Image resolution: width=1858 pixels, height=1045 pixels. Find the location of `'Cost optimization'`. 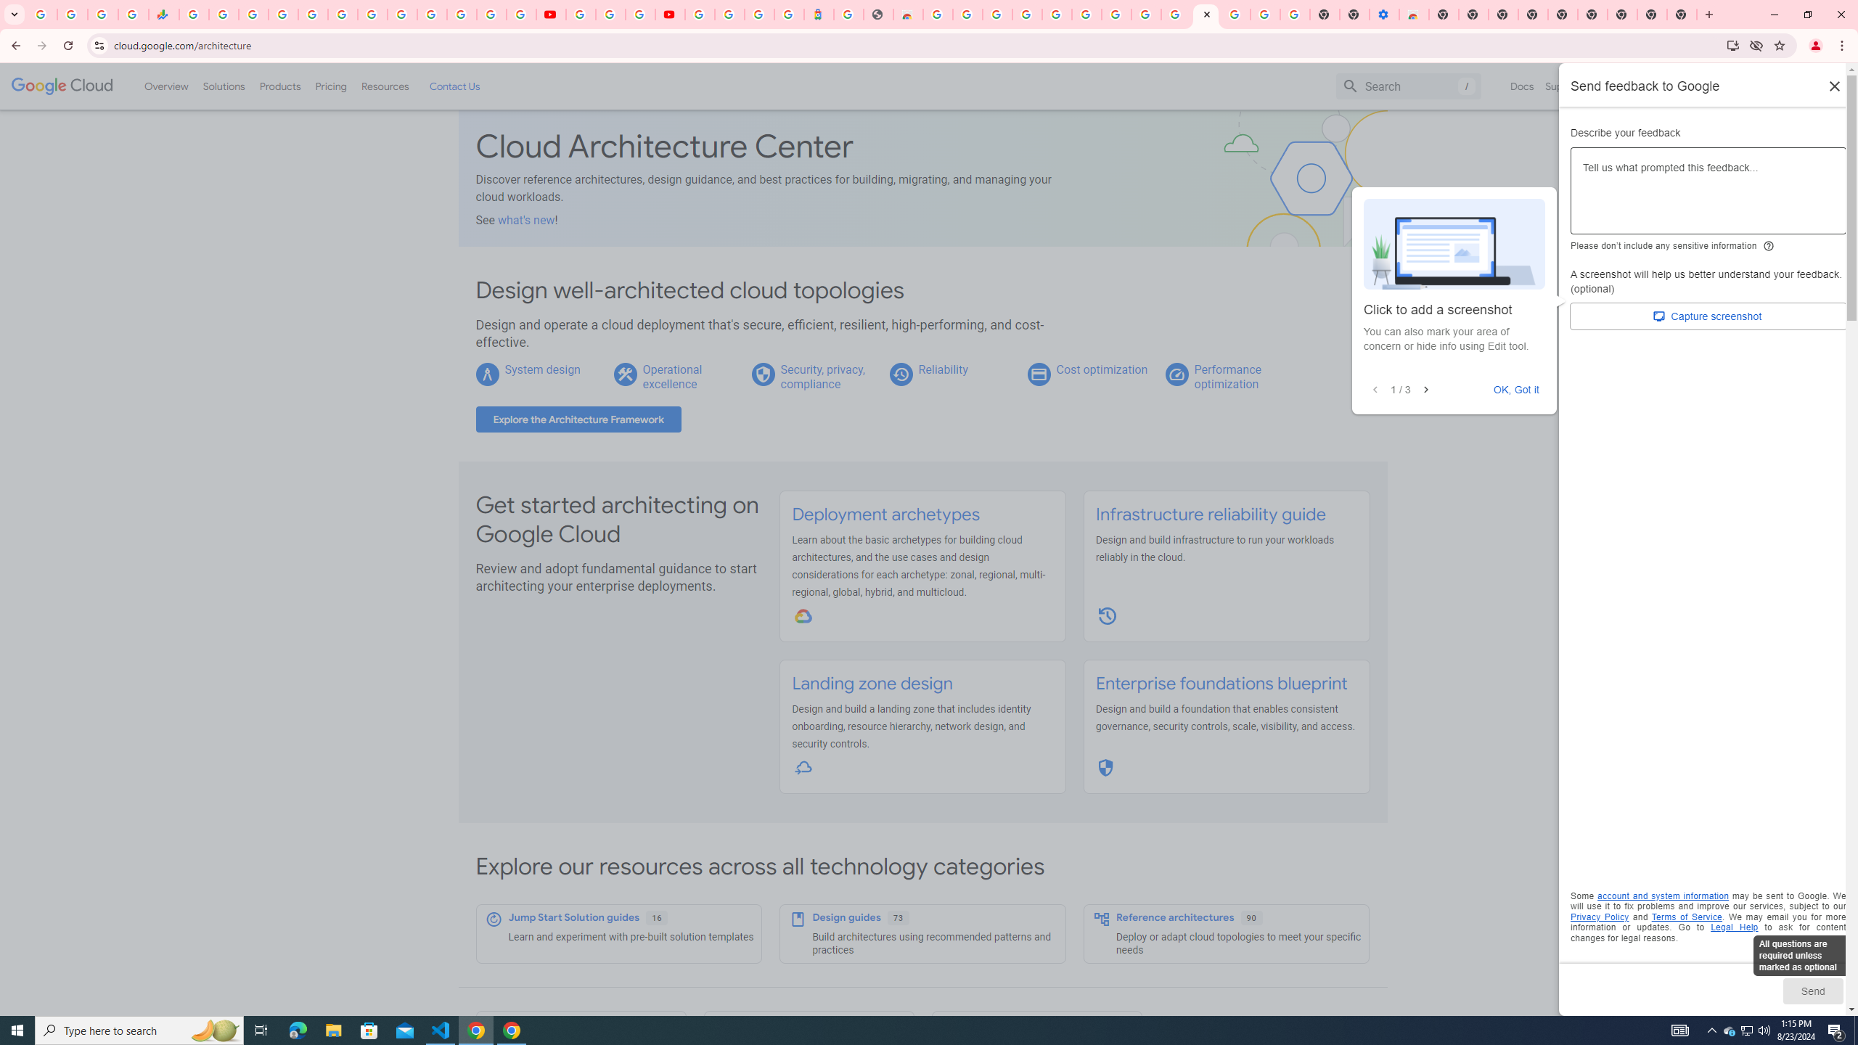

'Cost optimization' is located at coordinates (1101, 369).